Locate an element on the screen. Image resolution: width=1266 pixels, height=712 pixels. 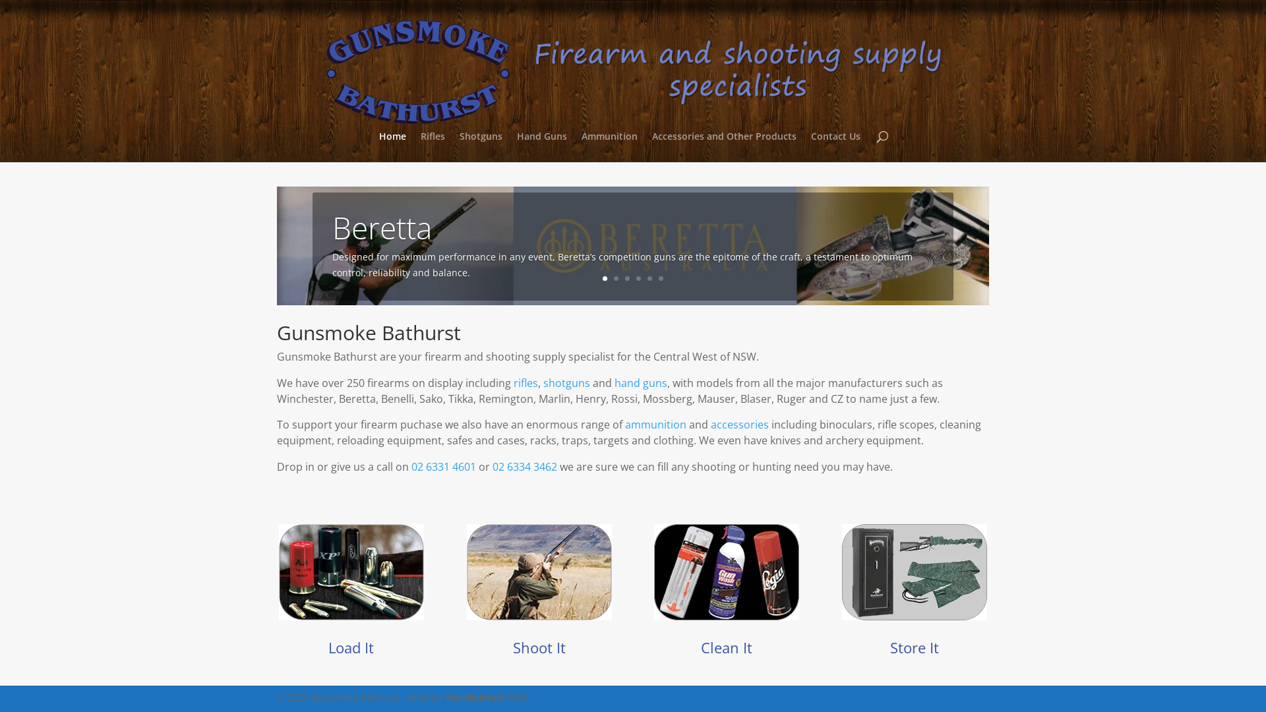
'3' is located at coordinates (626, 278).